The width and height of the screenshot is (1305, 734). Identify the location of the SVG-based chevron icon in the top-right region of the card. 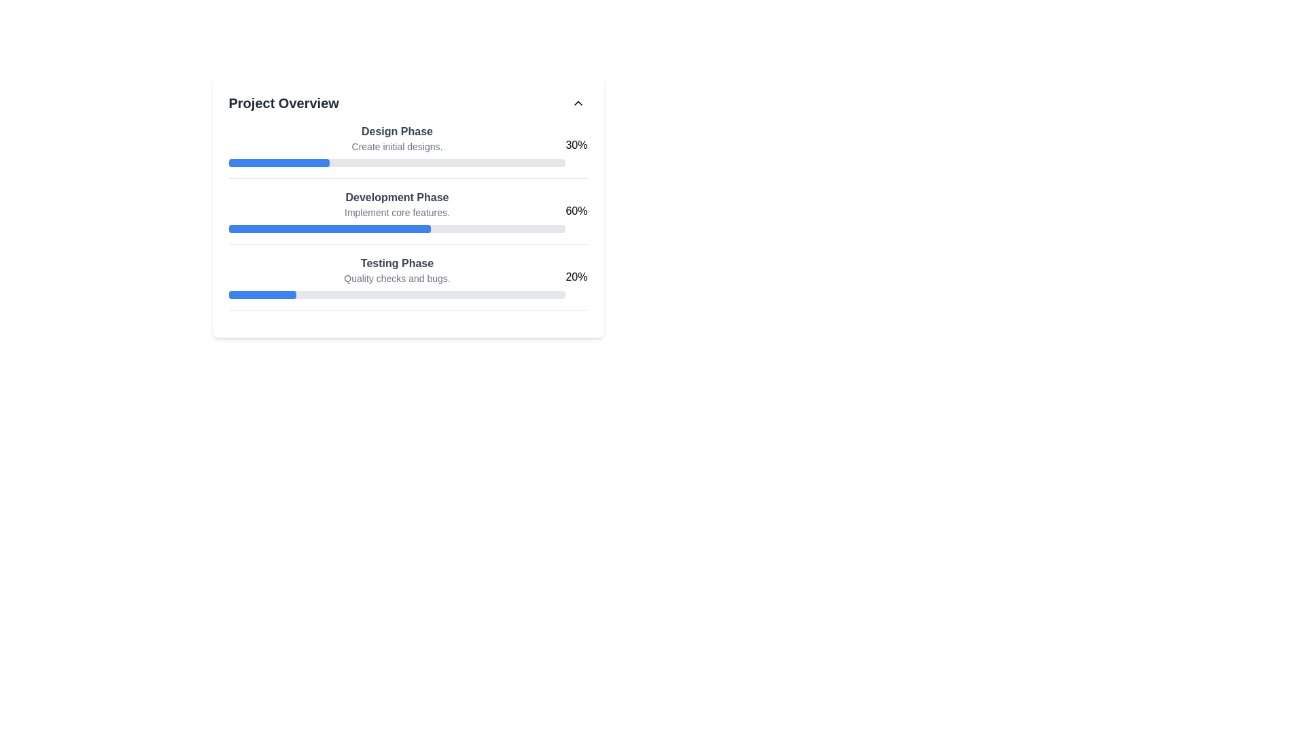
(578, 102).